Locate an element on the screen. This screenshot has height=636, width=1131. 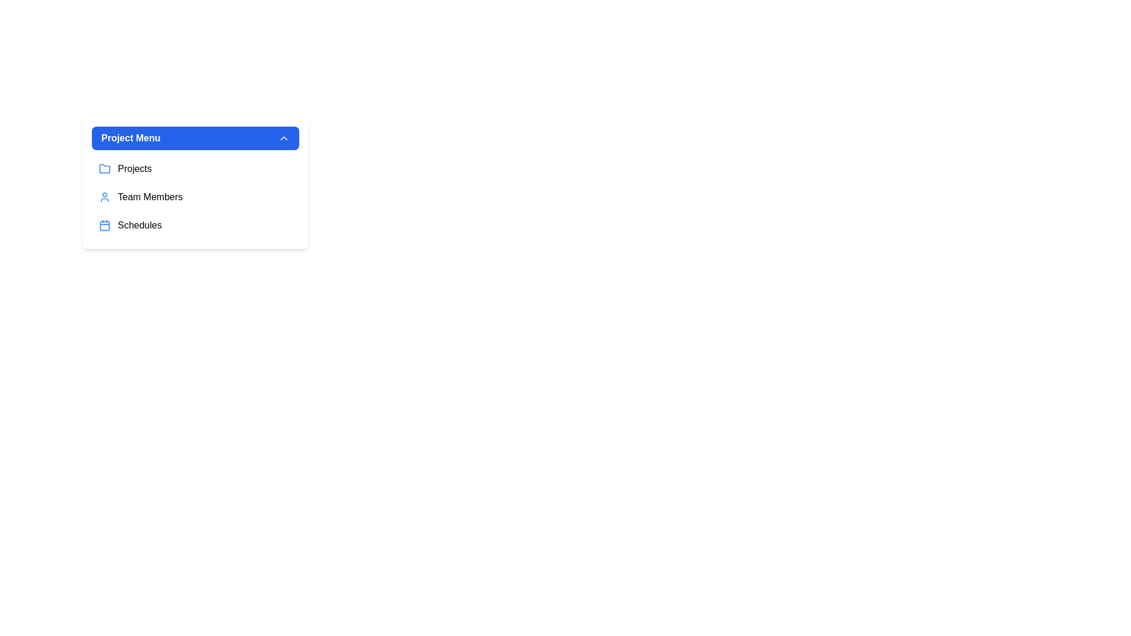
the 'Schedules' menu item to select it is located at coordinates (195, 225).